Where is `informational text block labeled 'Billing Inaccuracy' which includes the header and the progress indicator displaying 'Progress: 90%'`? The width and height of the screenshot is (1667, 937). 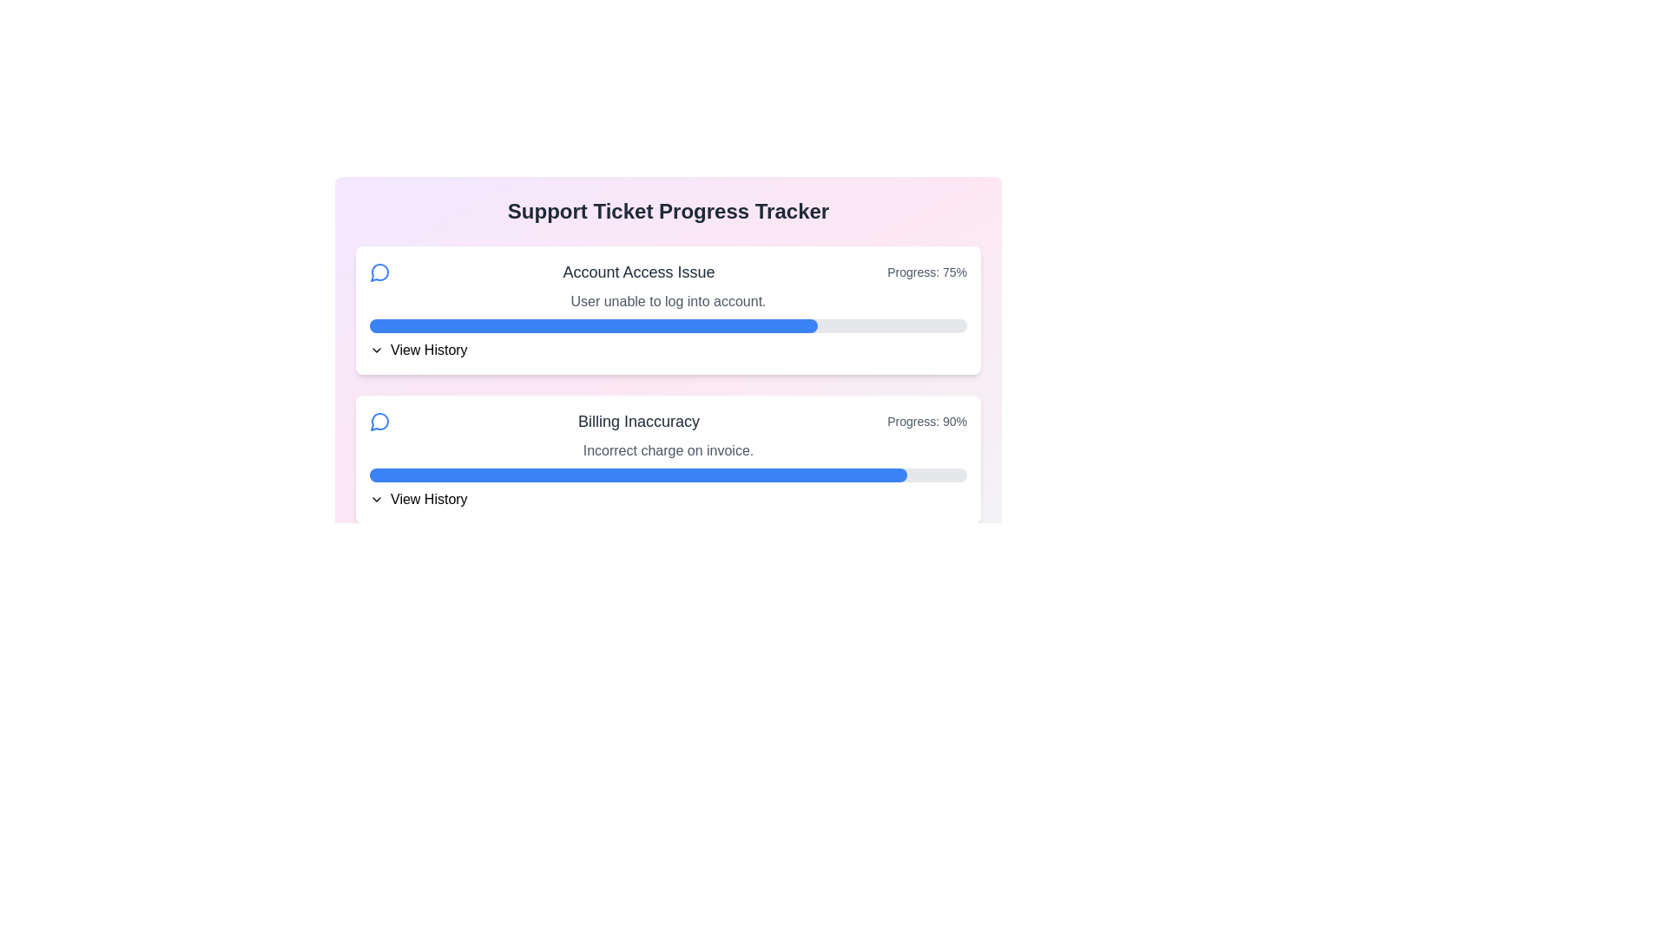
informational text block labeled 'Billing Inaccuracy' which includes the header and the progress indicator displaying 'Progress: 90%' is located at coordinates (667, 422).